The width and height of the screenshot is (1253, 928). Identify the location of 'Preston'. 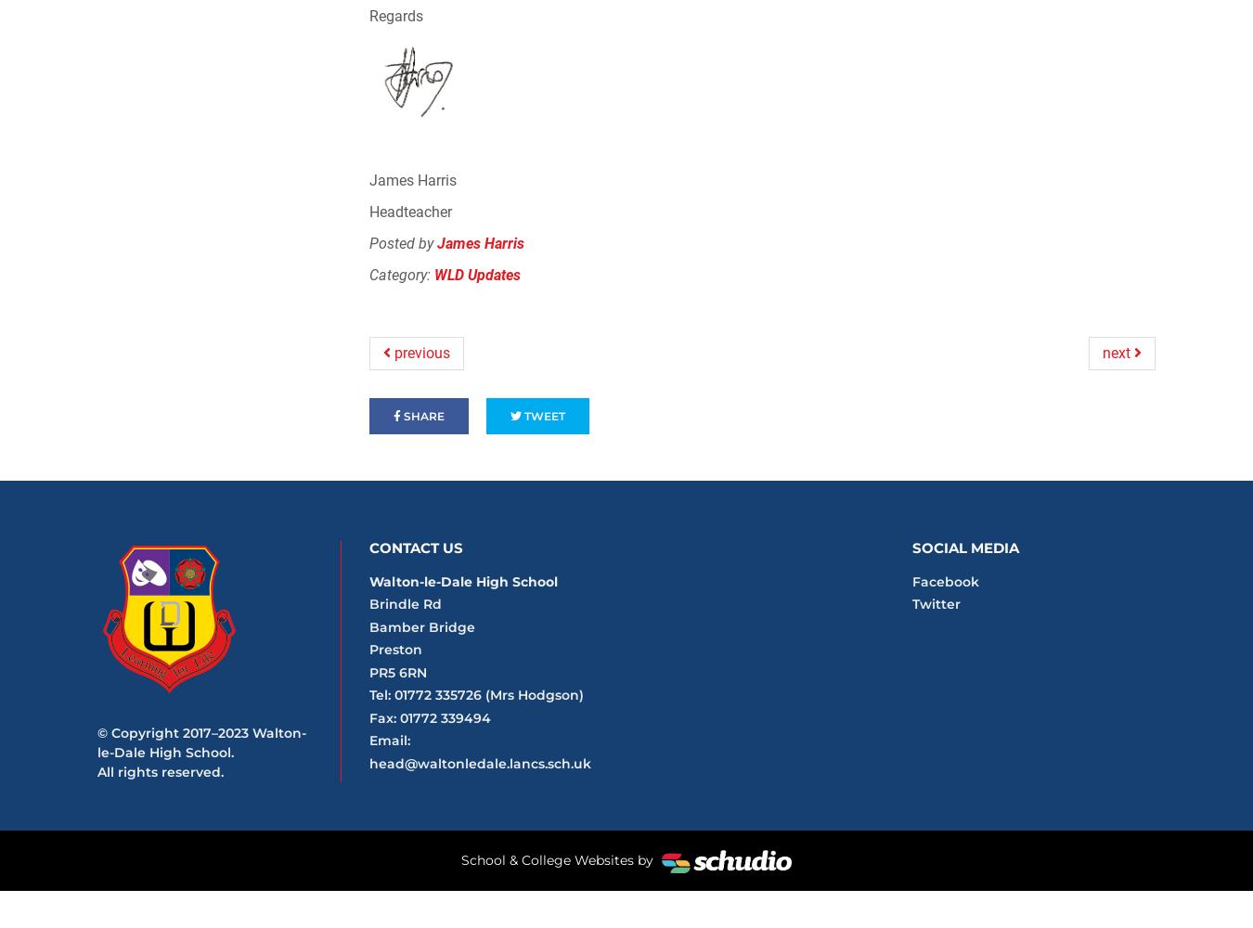
(368, 649).